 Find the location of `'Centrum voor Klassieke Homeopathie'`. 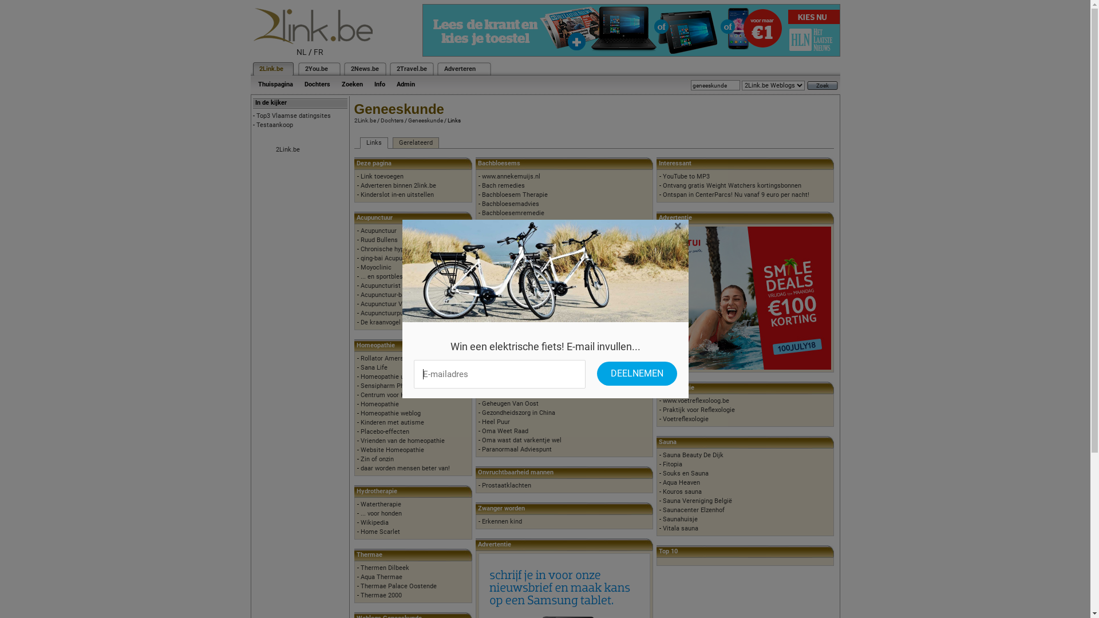

'Centrum voor Klassieke Homeopathie' is located at coordinates (414, 394).